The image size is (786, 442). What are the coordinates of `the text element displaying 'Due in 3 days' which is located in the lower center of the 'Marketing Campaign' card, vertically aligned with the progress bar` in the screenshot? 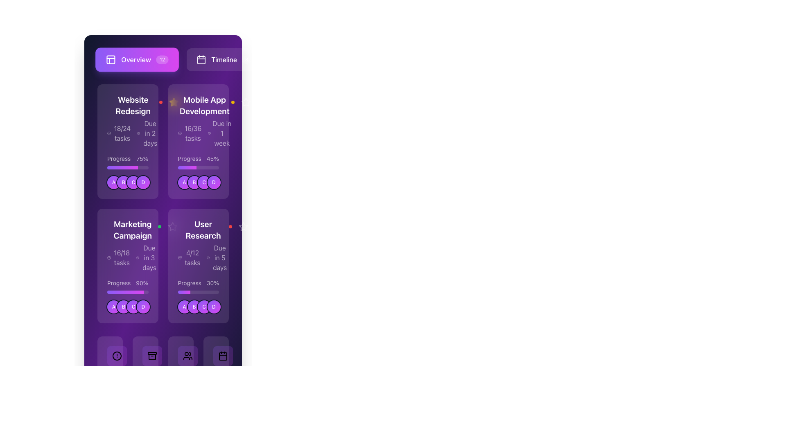 It's located at (149, 257).